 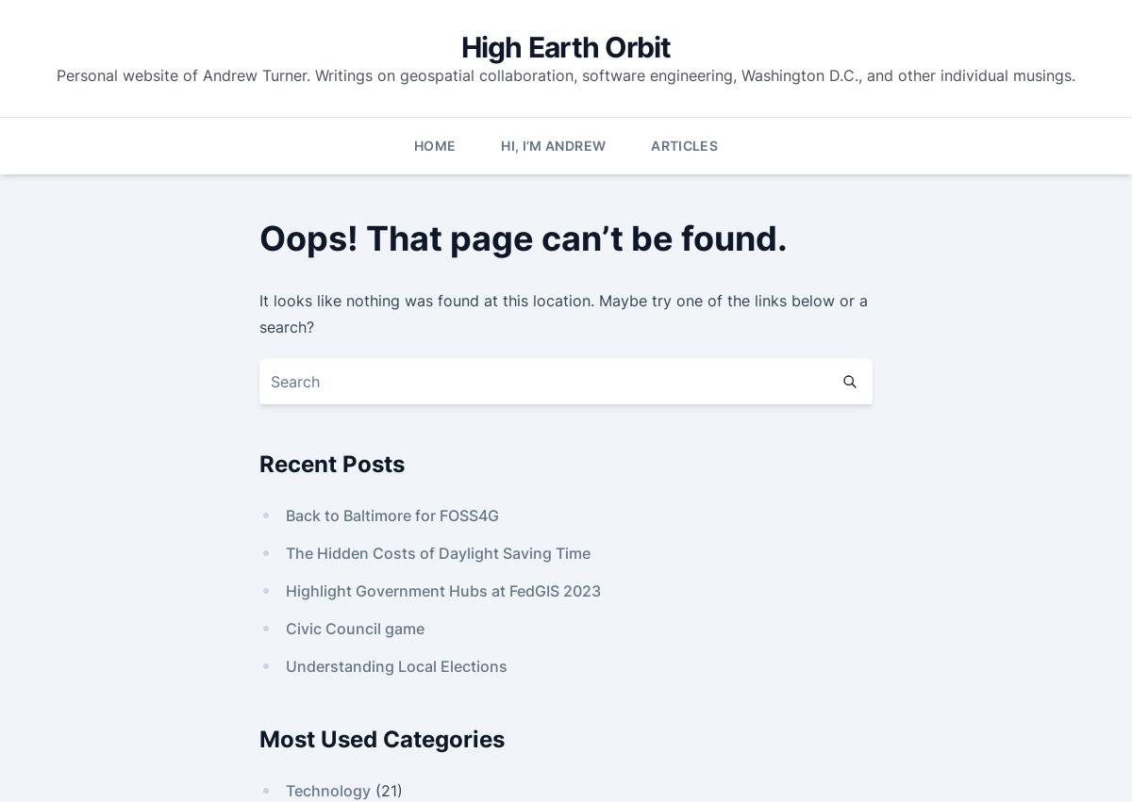 What do you see at coordinates (651, 145) in the screenshot?
I see `'Articles'` at bounding box center [651, 145].